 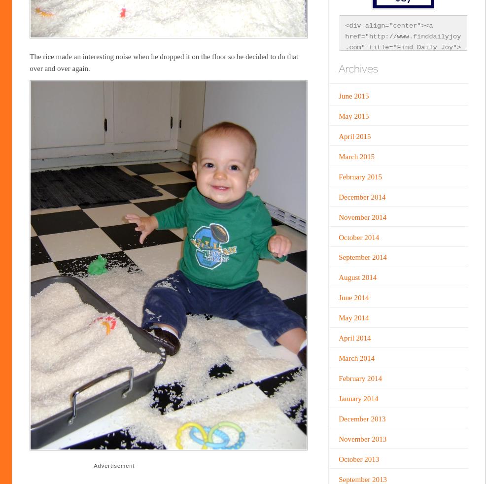 What do you see at coordinates (357, 277) in the screenshot?
I see `'August 2014'` at bounding box center [357, 277].